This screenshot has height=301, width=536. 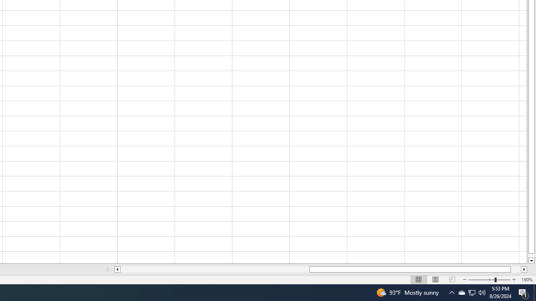 What do you see at coordinates (116, 269) in the screenshot?
I see `'Column left'` at bounding box center [116, 269].